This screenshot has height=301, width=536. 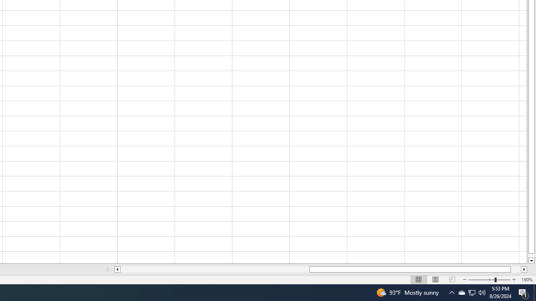 What do you see at coordinates (116, 269) in the screenshot?
I see `'Column left'` at bounding box center [116, 269].